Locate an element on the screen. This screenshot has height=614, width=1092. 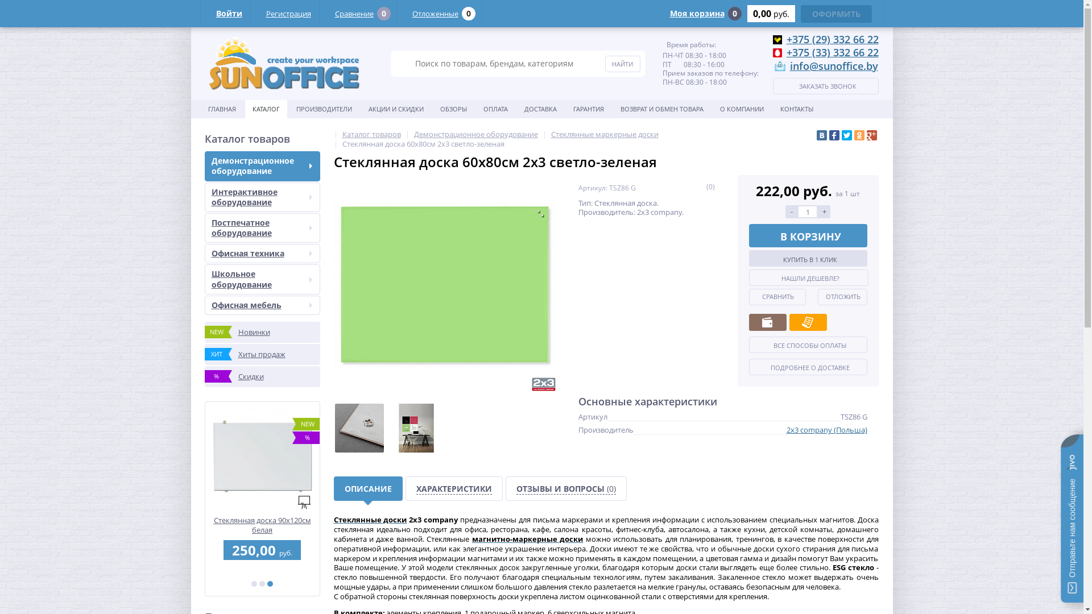
'mail.png' is located at coordinates (779, 67).